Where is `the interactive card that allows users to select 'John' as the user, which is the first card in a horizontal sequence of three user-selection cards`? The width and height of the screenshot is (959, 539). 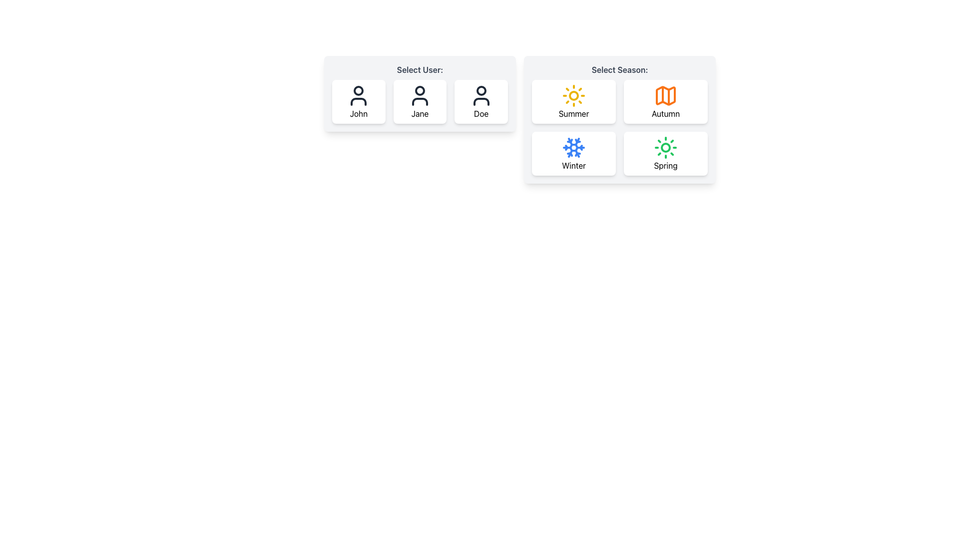
the interactive card that allows users to select 'John' as the user, which is the first card in a horizontal sequence of three user-selection cards is located at coordinates (359, 102).